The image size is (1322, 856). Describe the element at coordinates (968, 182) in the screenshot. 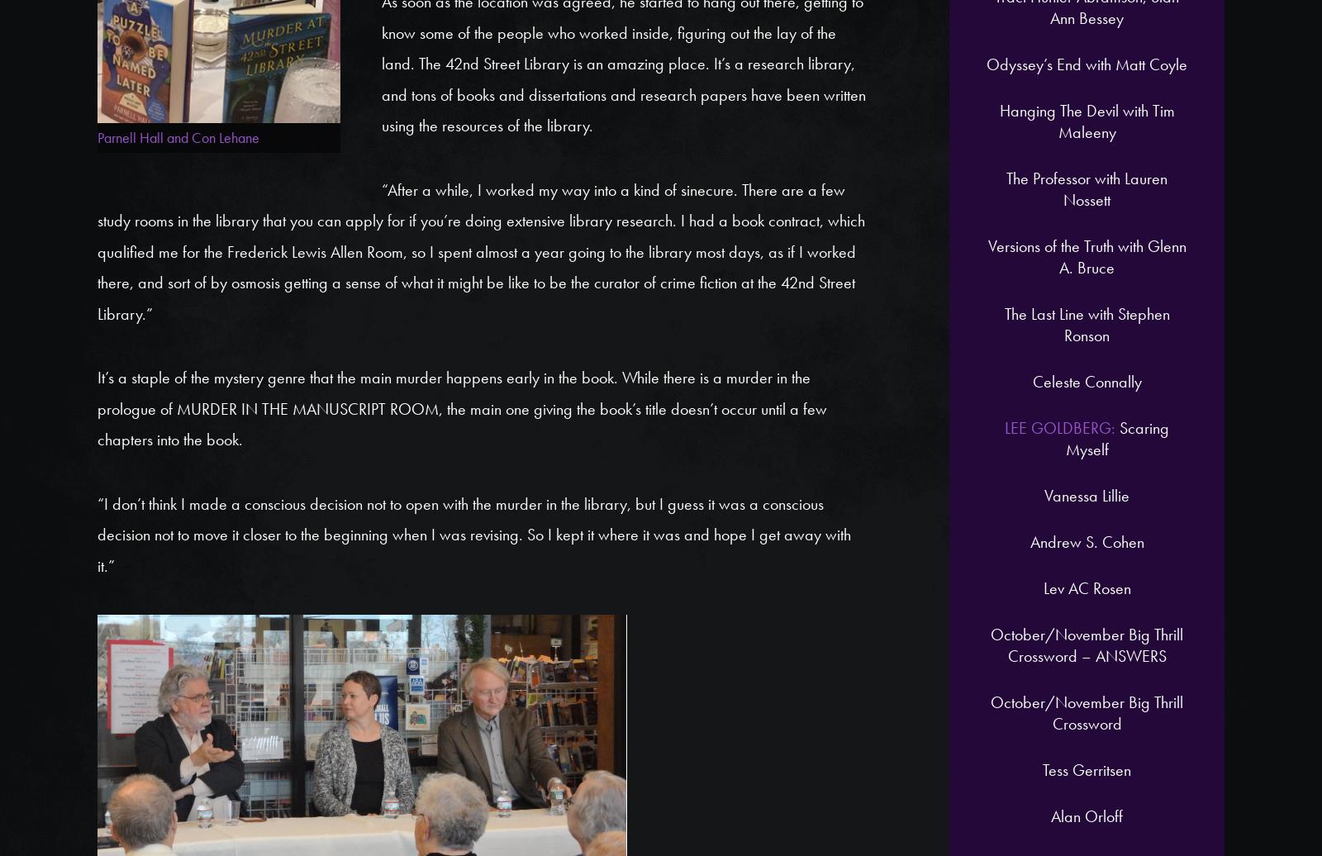

I see `'Contribute'` at that location.